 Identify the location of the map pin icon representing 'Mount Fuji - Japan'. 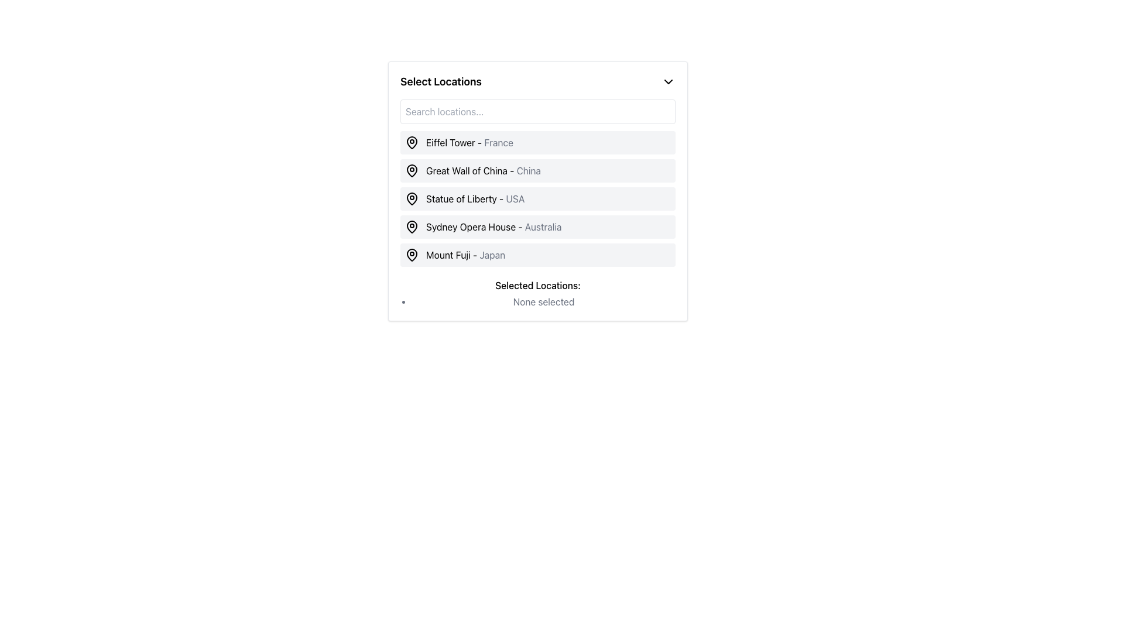
(412, 254).